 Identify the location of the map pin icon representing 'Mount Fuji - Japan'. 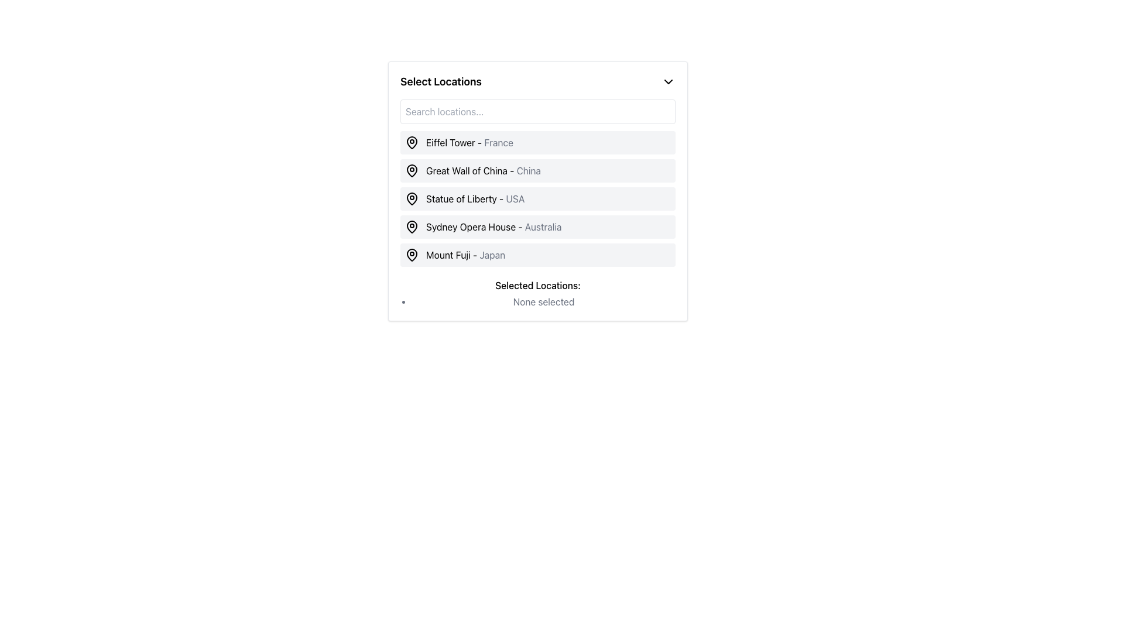
(412, 254).